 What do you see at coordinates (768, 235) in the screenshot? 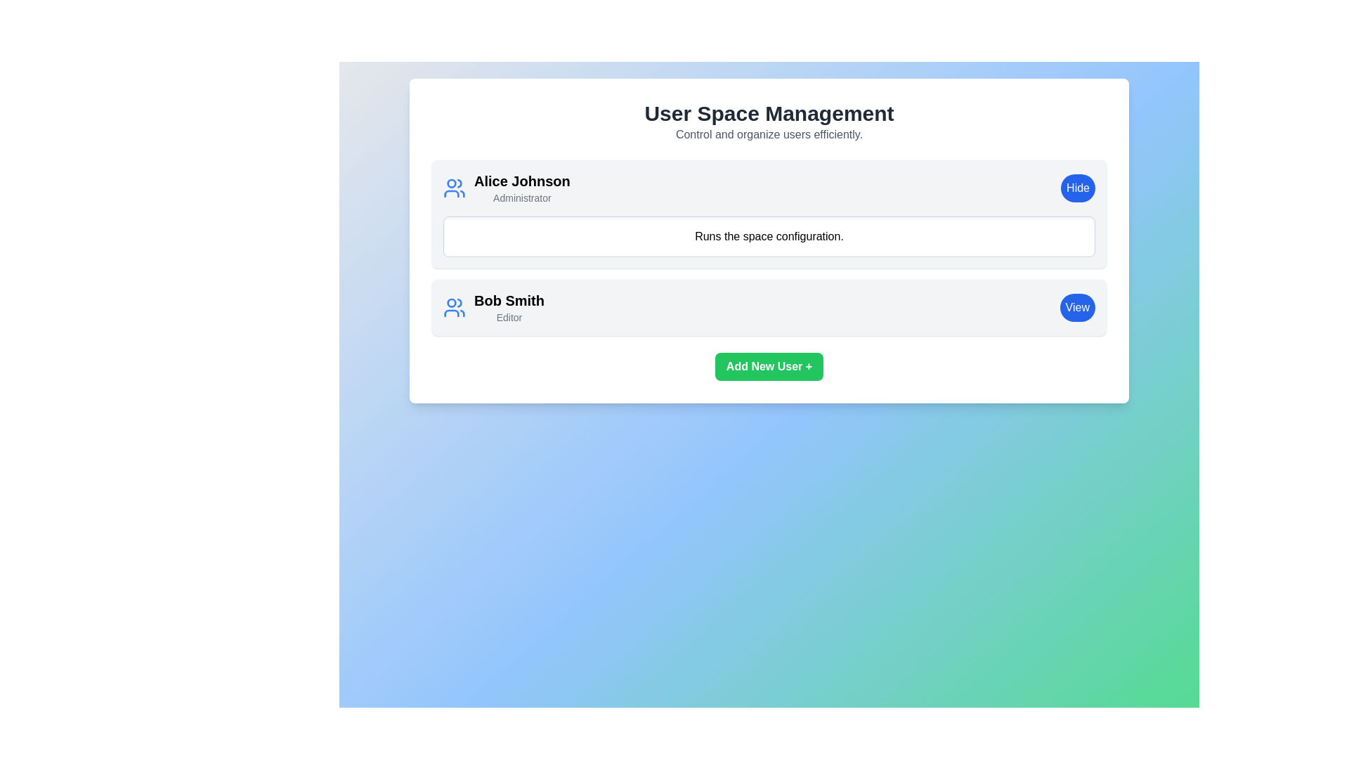
I see `the static text information block that displays 'Runs the space configuration.' located below the user 'Alice Johnson' and her title 'Administrator'` at bounding box center [768, 235].